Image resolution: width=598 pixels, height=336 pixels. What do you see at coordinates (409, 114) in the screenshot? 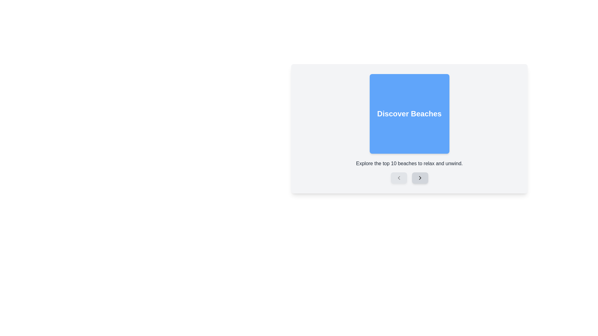
I see `the static label or heading element that serves as a title for the beach discovery card, which is centered within a card component with a blue background` at bounding box center [409, 114].